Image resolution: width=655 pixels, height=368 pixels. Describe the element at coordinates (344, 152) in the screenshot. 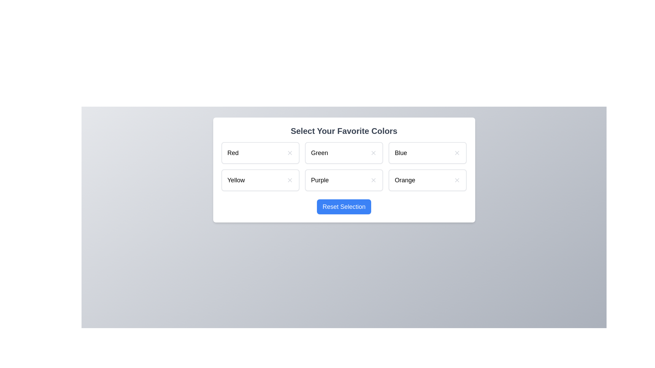

I see `the color Green` at that location.